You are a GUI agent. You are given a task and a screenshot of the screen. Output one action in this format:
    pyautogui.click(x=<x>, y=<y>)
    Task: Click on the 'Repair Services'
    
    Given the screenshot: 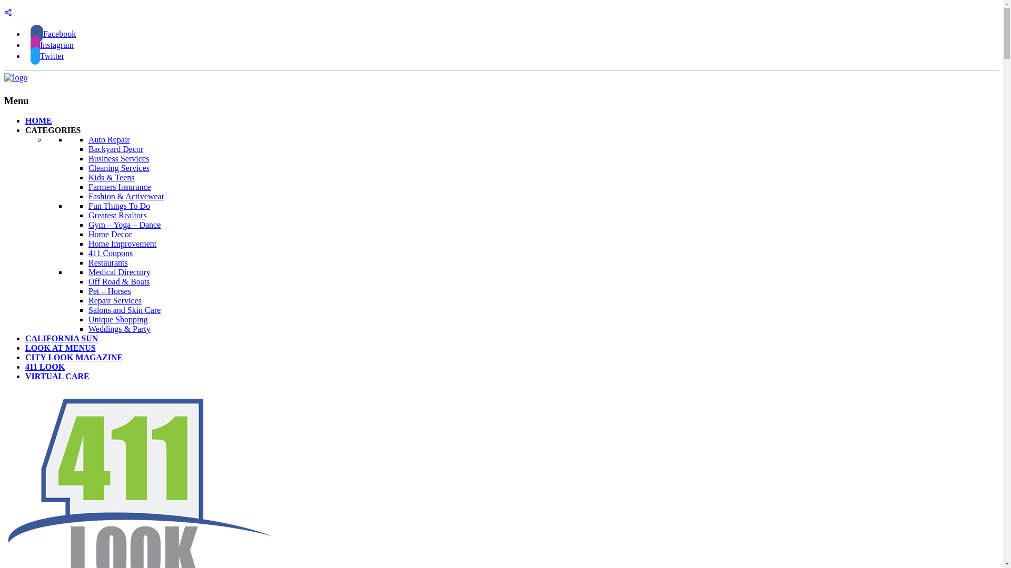 What is the action you would take?
    pyautogui.click(x=115, y=300)
    